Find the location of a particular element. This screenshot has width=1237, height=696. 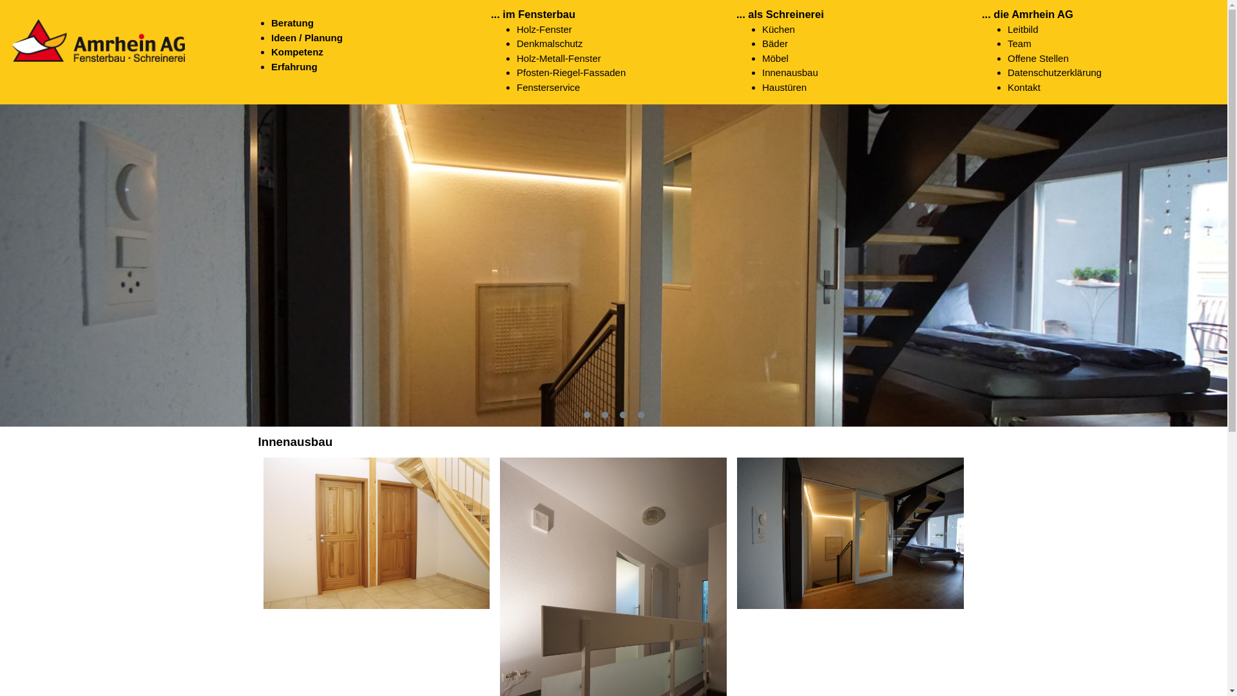

'... die Amrhein AG' is located at coordinates (1026, 14).